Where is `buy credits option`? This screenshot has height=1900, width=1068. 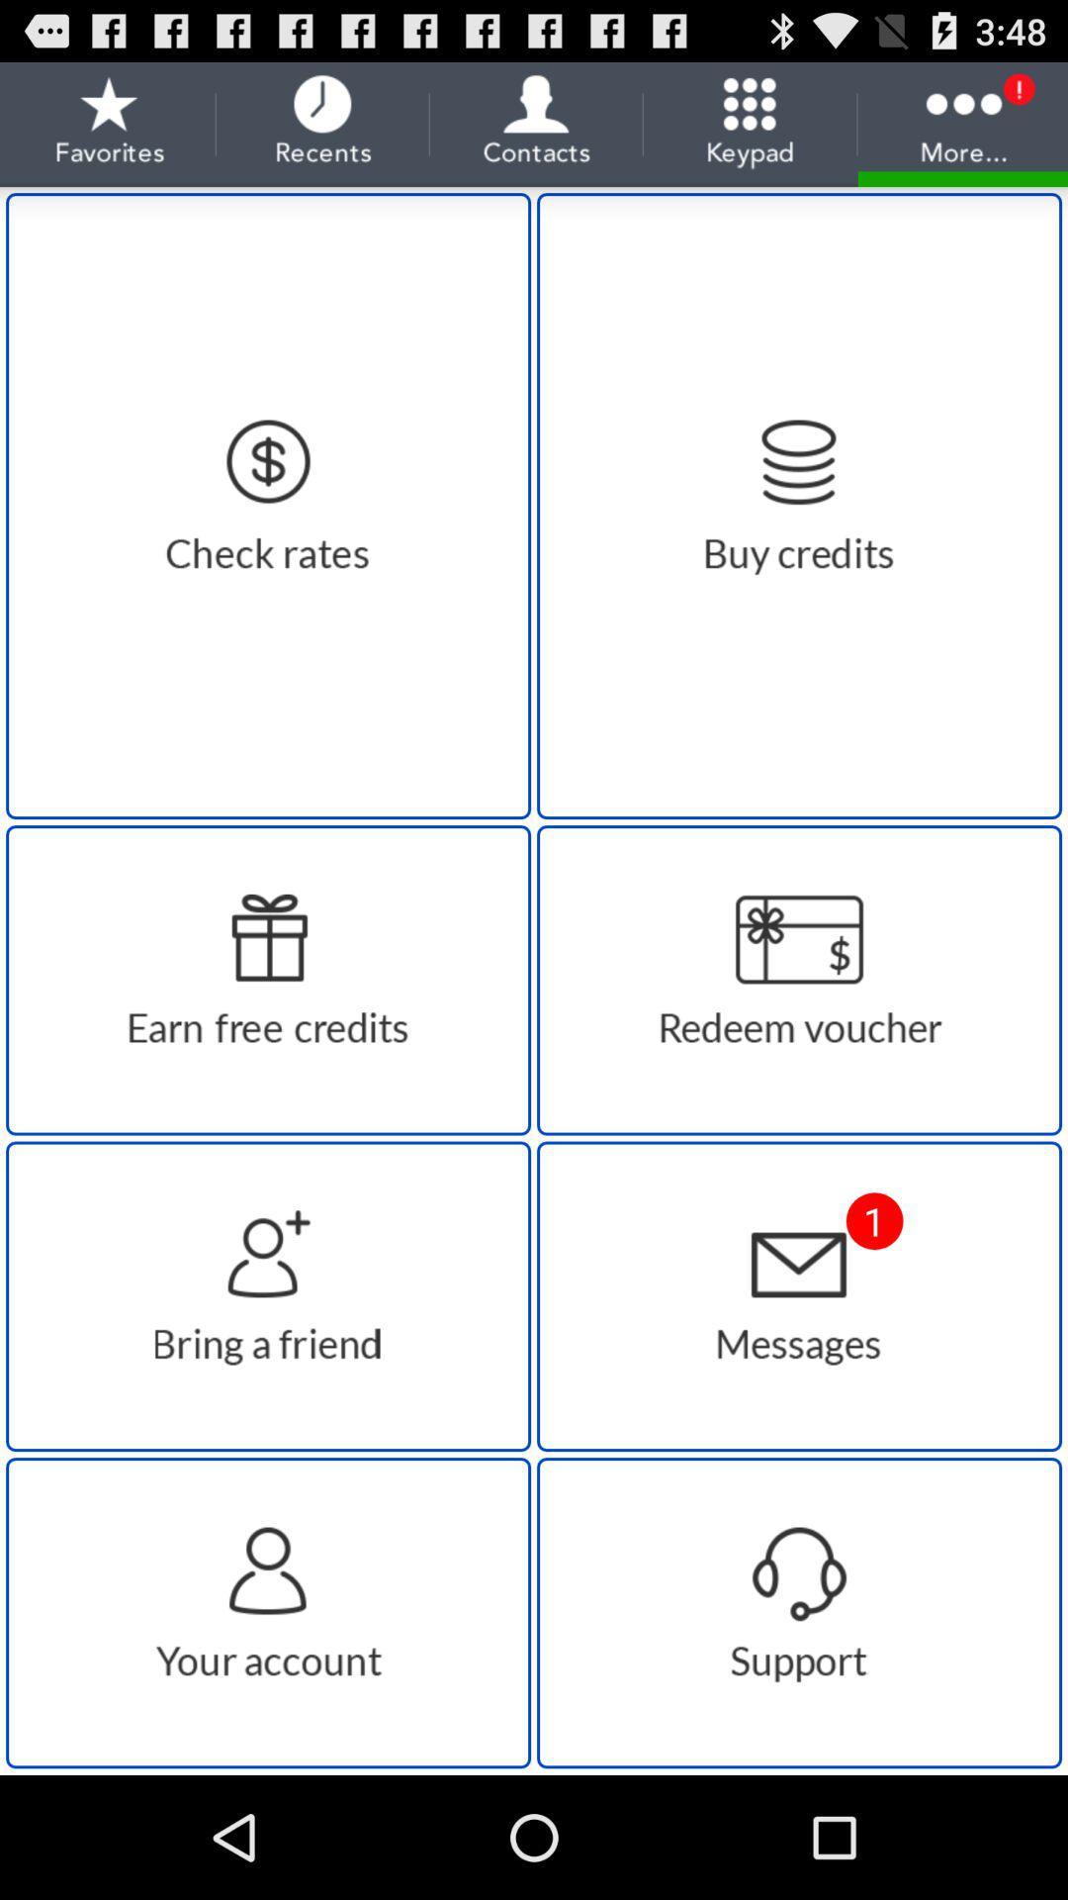
buy credits option is located at coordinates (798, 506).